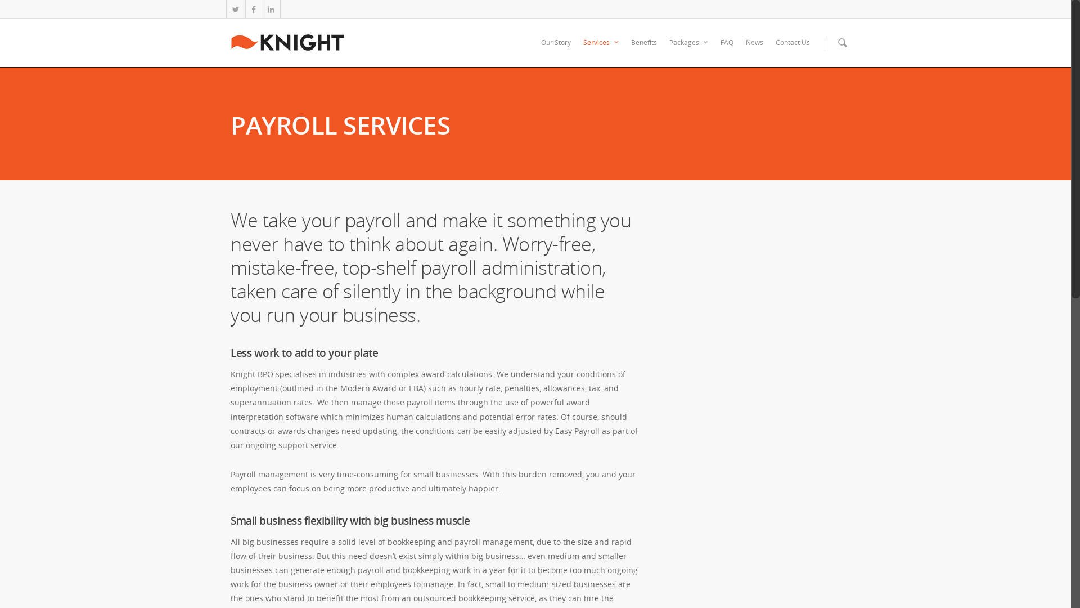 Image resolution: width=1080 pixels, height=608 pixels. I want to click on 'News', so click(740, 50).